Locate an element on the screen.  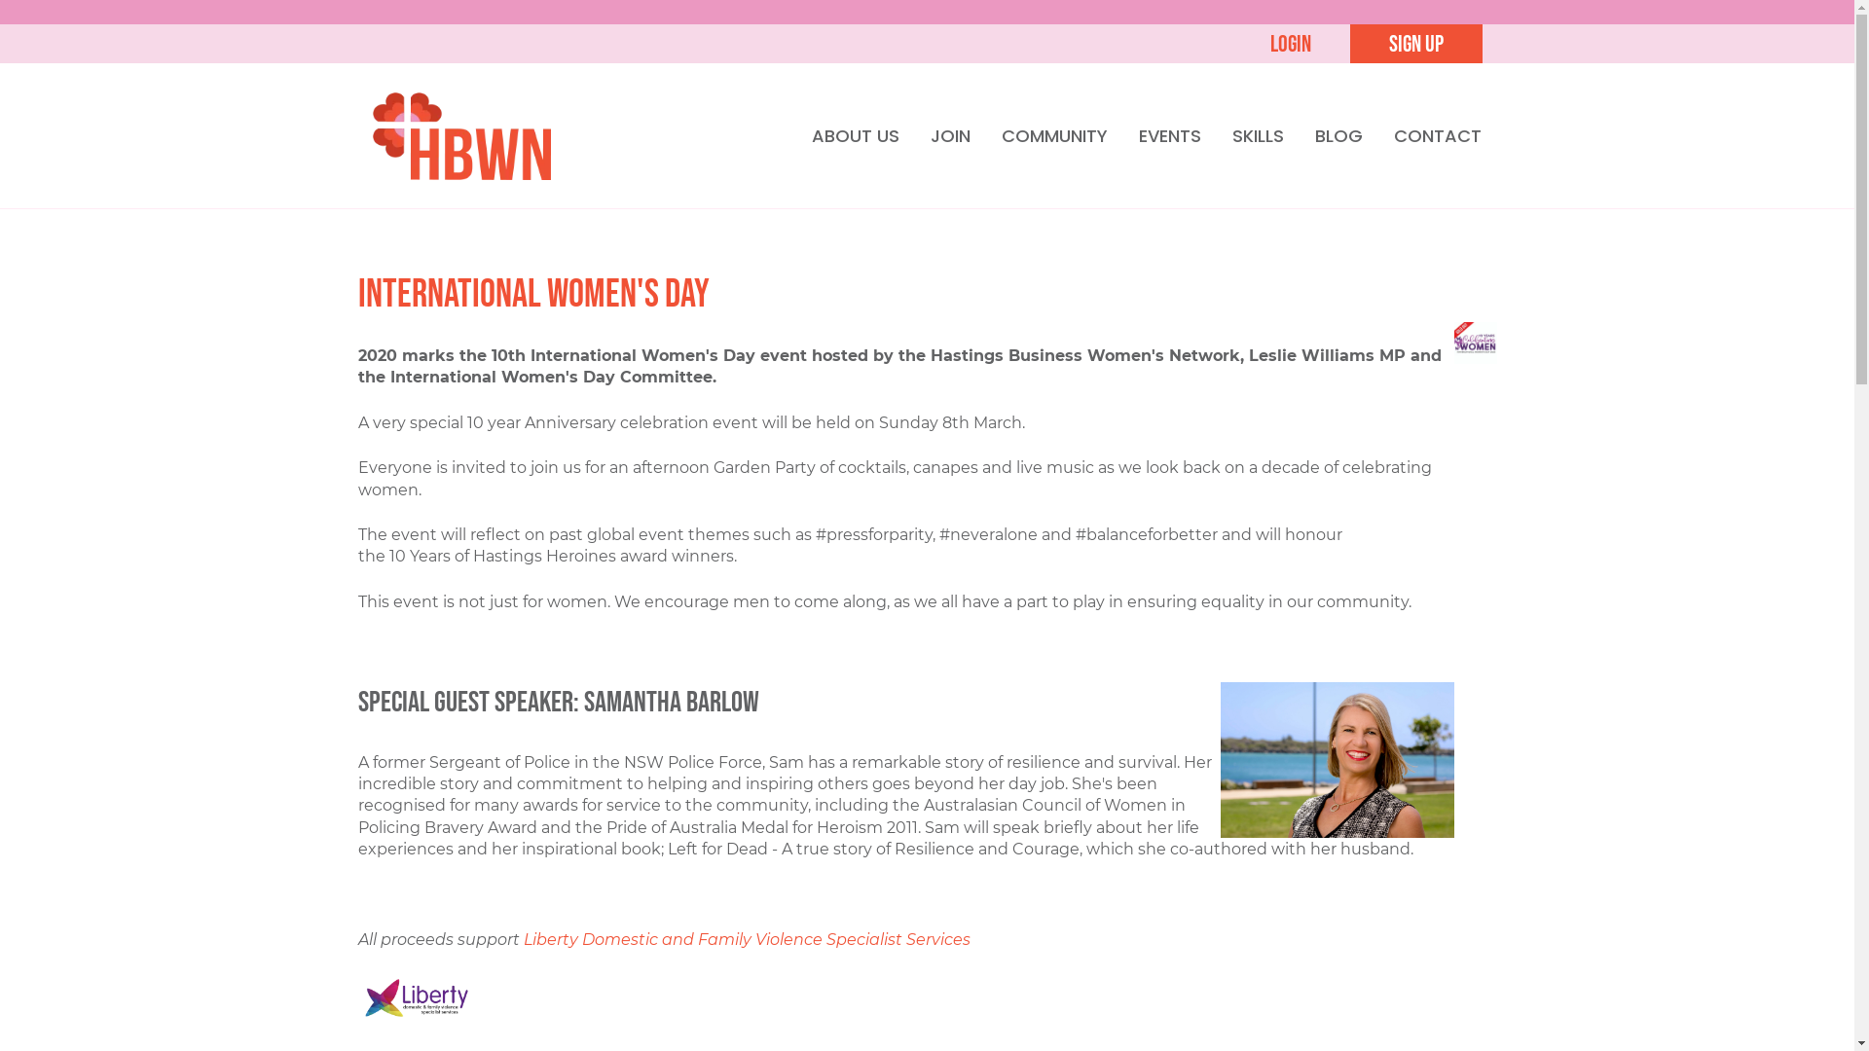
'LOGIN' is located at coordinates (1289, 44).